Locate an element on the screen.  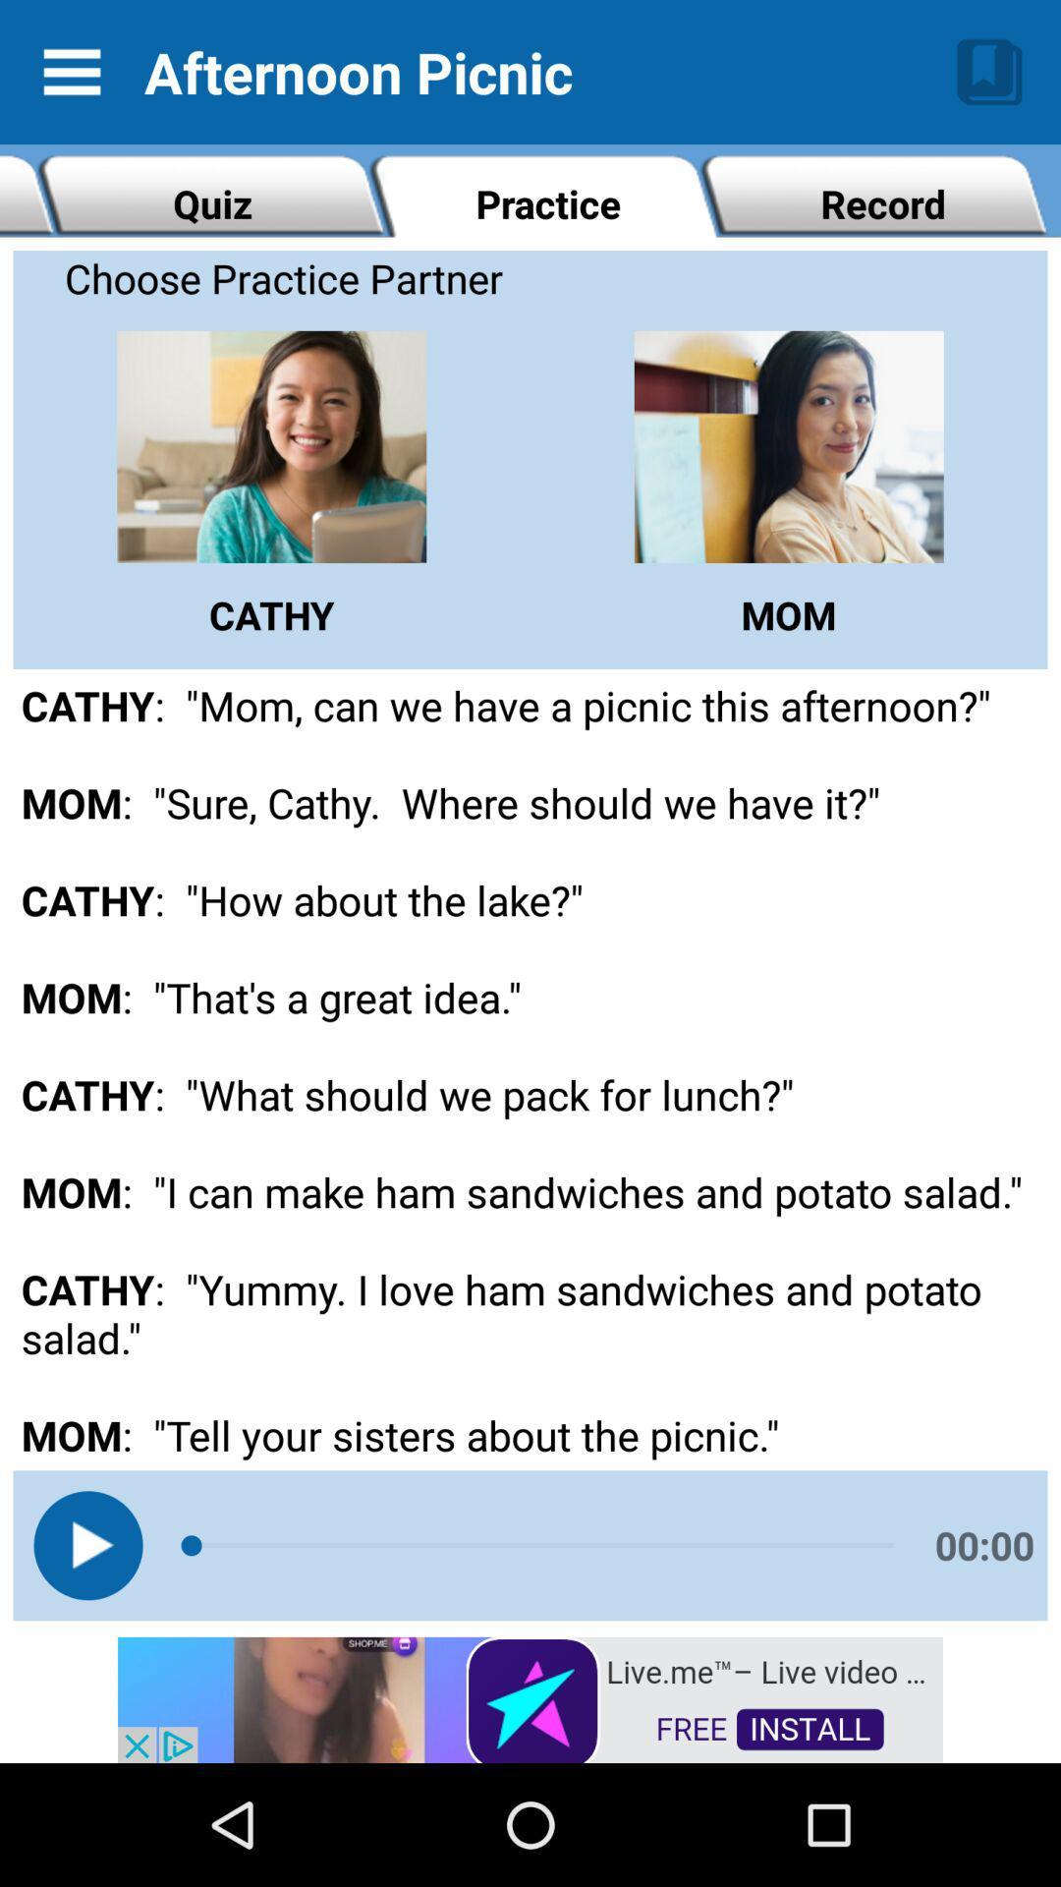
advertisements is located at coordinates (530, 1697).